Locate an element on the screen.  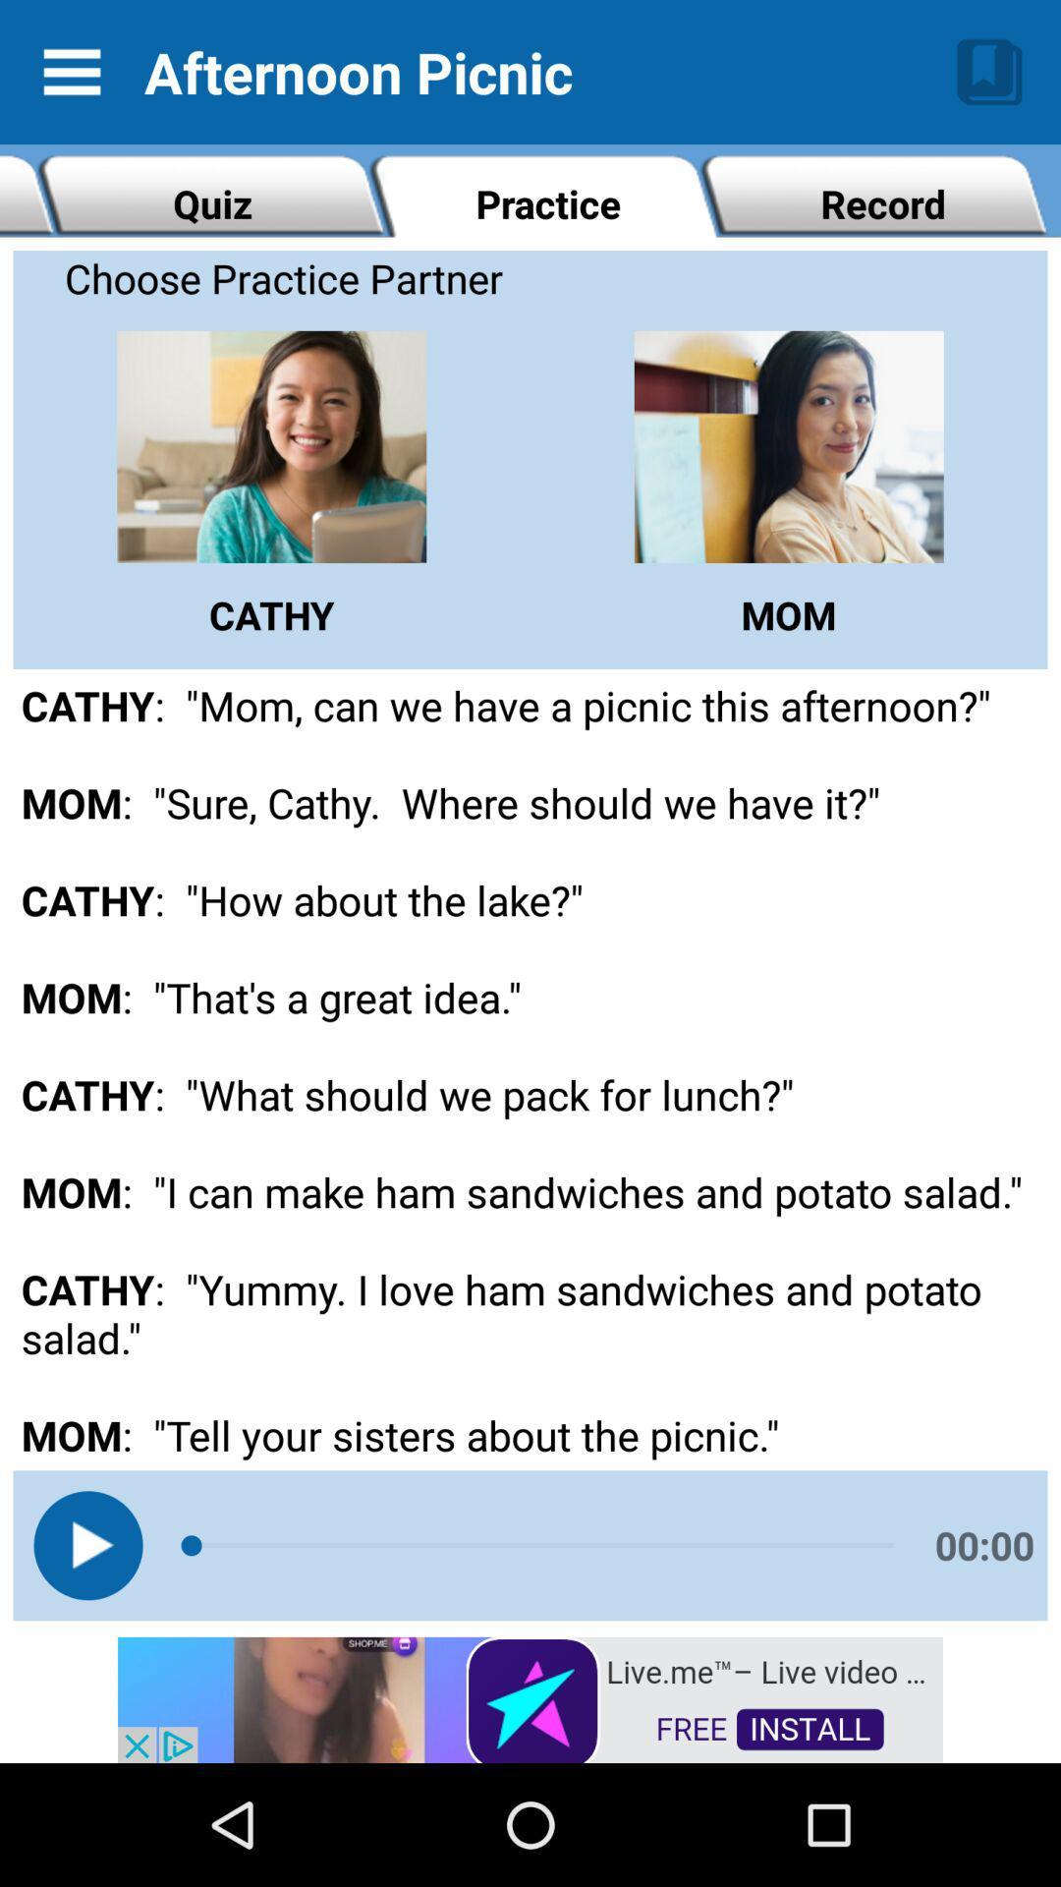
advertisements is located at coordinates (530, 1697).